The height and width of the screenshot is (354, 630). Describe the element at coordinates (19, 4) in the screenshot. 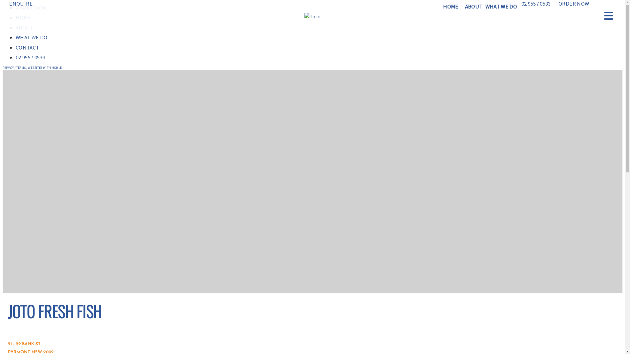

I see `'ENQUIRE'` at that location.